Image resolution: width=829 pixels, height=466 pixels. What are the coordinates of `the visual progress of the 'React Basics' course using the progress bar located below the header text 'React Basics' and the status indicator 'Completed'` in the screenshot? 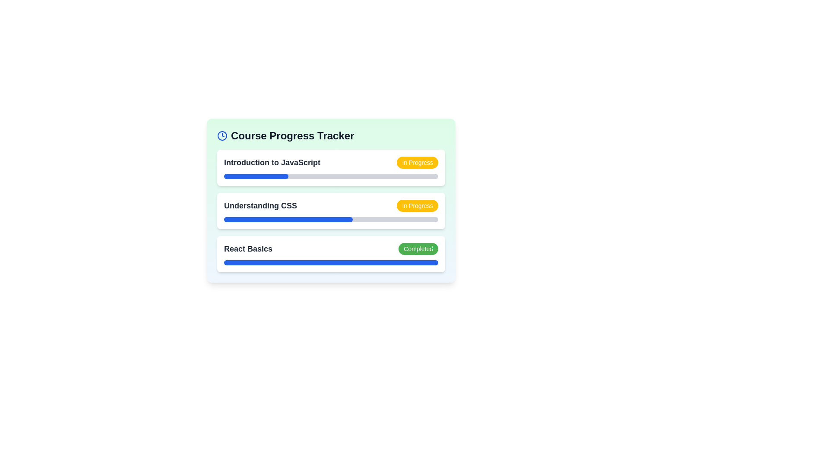 It's located at (331, 262).